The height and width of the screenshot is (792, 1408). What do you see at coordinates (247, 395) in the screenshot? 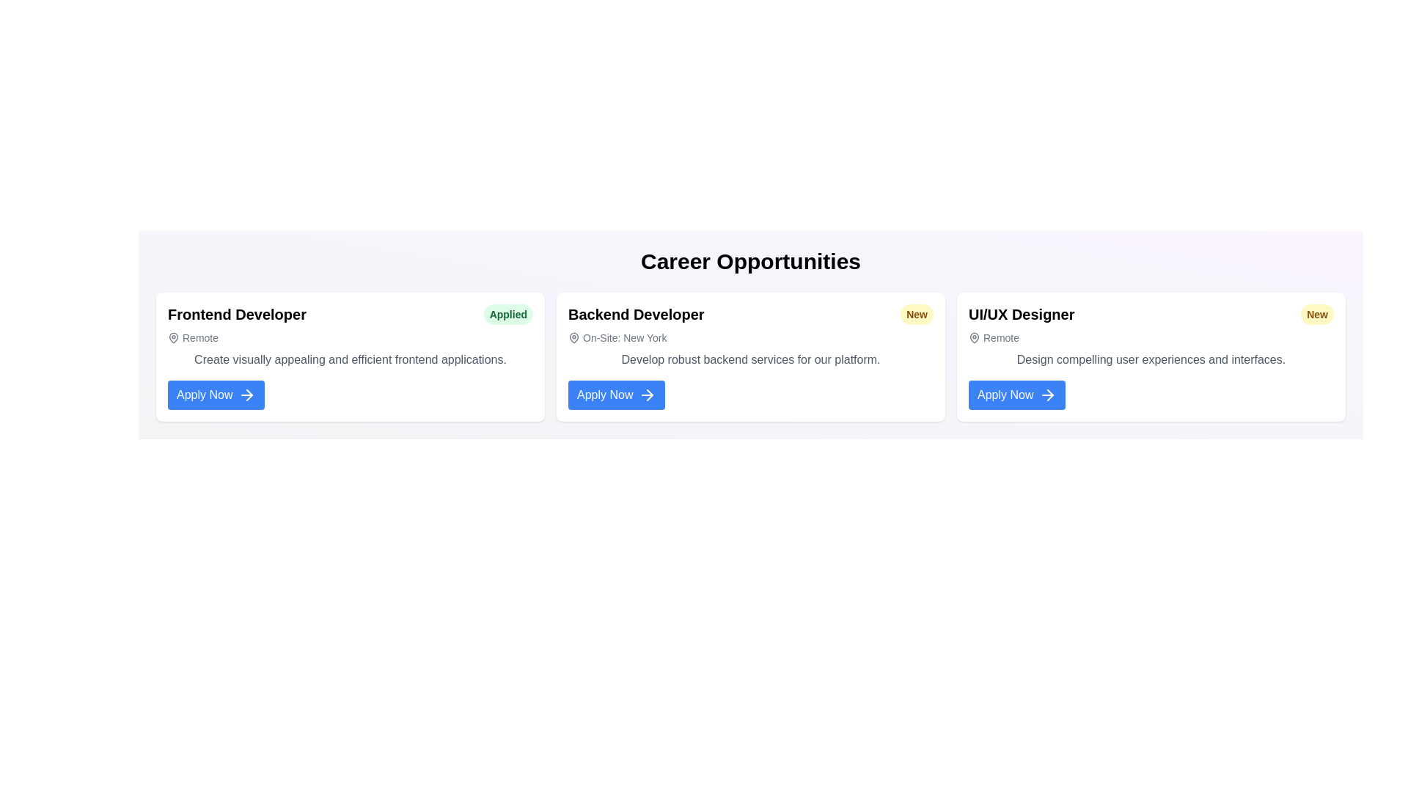
I see `the arrow icon located on the right-hand side of the 'Apply Now' button for the 'Frontend Developer' position` at bounding box center [247, 395].